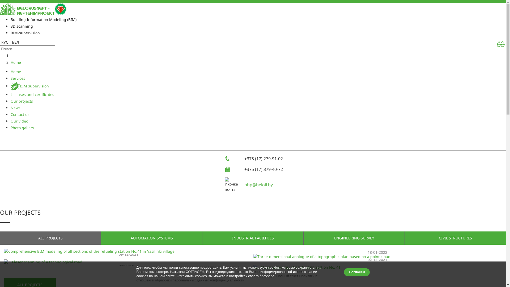 The height and width of the screenshot is (287, 510). What do you see at coordinates (19, 121) in the screenshot?
I see `'Our video'` at bounding box center [19, 121].